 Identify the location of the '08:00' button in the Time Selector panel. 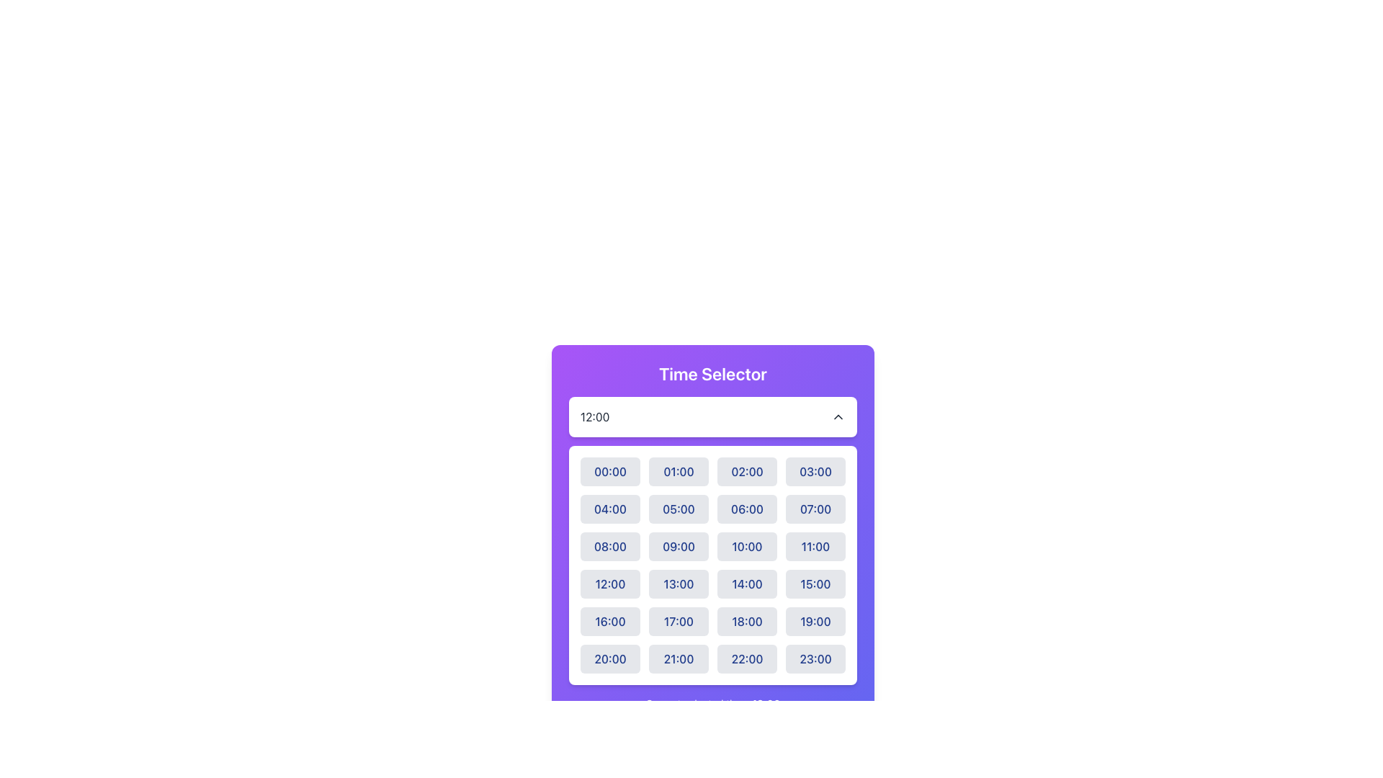
(610, 547).